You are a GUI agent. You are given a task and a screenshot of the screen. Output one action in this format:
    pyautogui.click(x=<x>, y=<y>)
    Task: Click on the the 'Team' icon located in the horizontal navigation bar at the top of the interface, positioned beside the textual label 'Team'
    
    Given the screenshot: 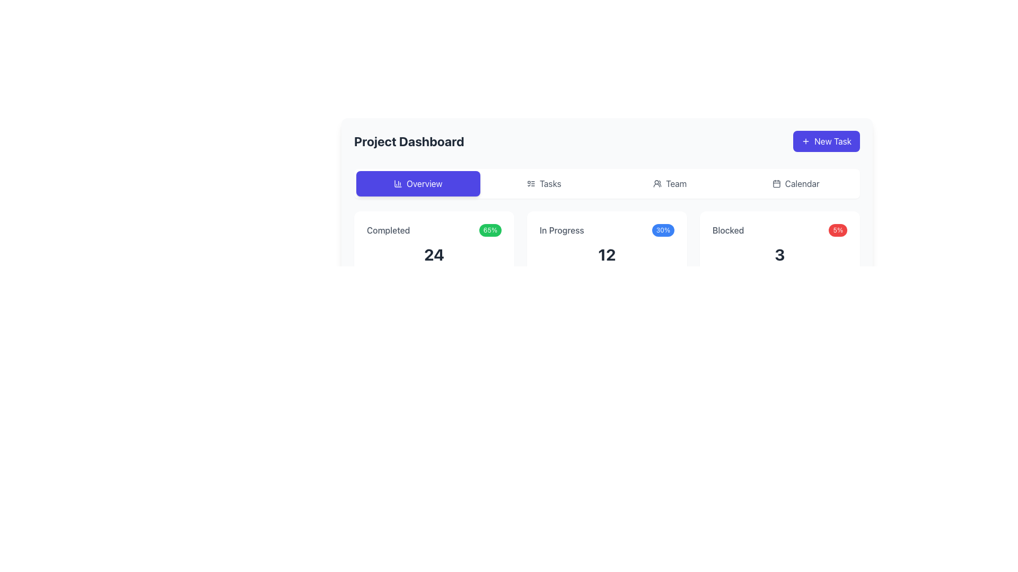 What is the action you would take?
    pyautogui.click(x=657, y=183)
    